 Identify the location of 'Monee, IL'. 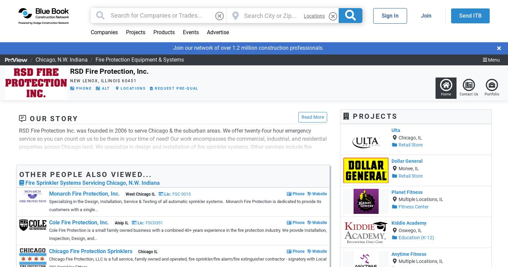
(408, 168).